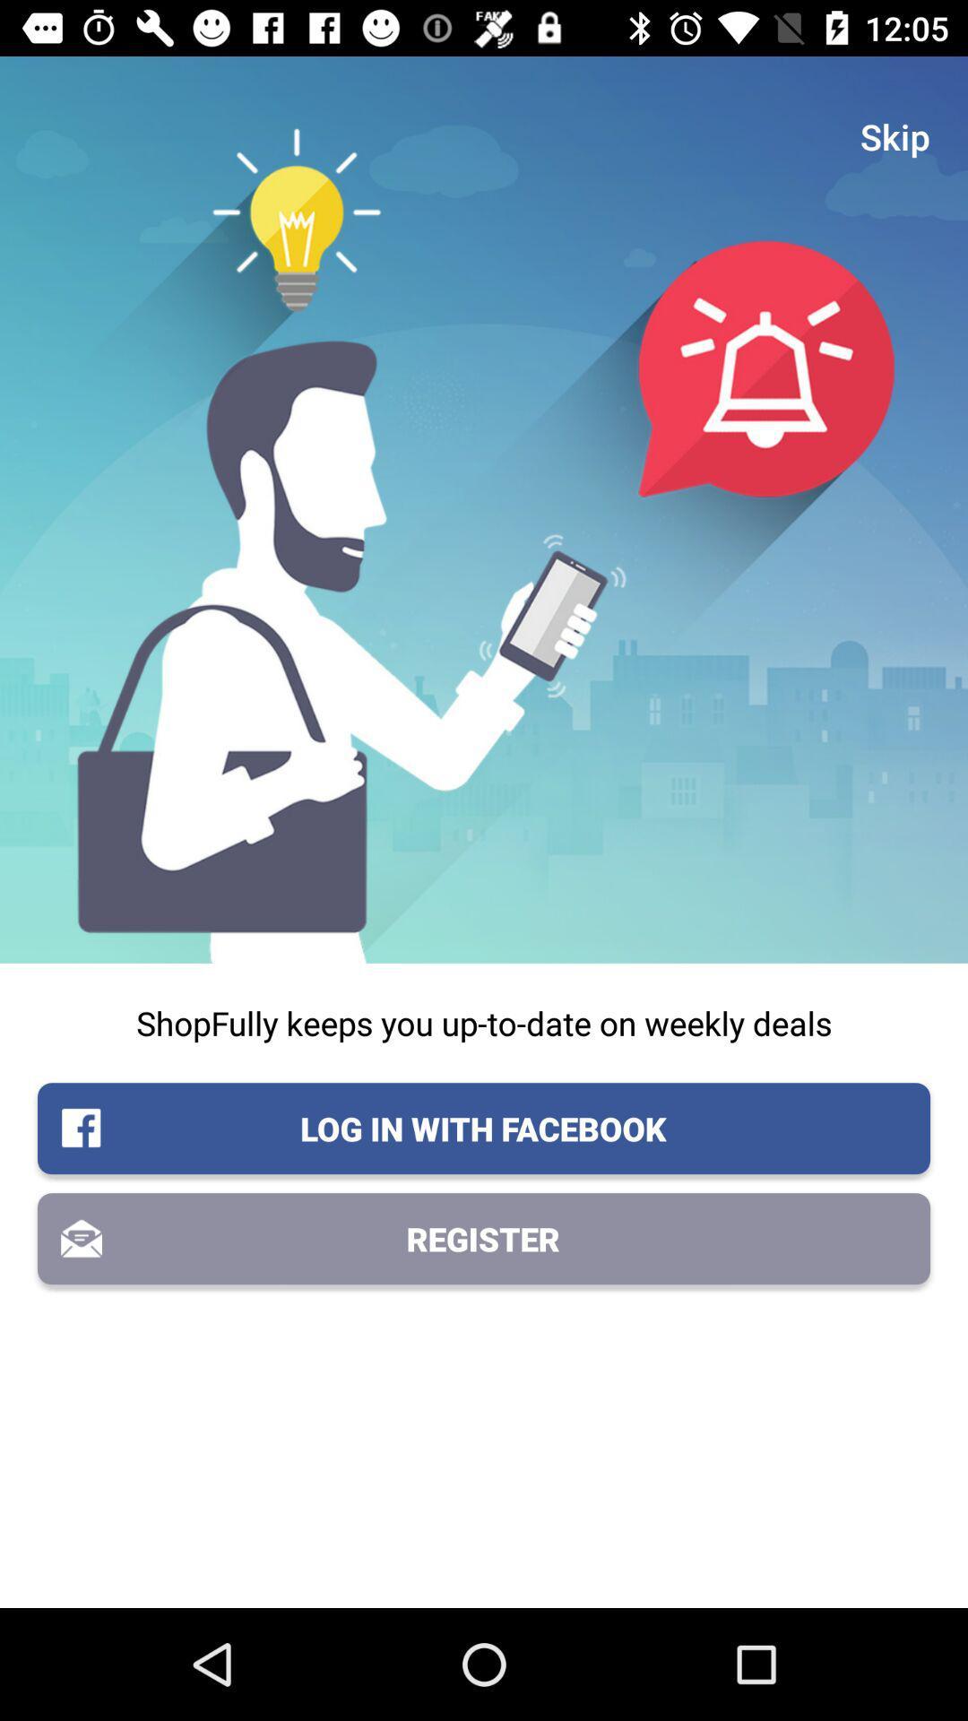  Describe the element at coordinates (484, 1023) in the screenshot. I see `shopfully keeps you icon` at that location.